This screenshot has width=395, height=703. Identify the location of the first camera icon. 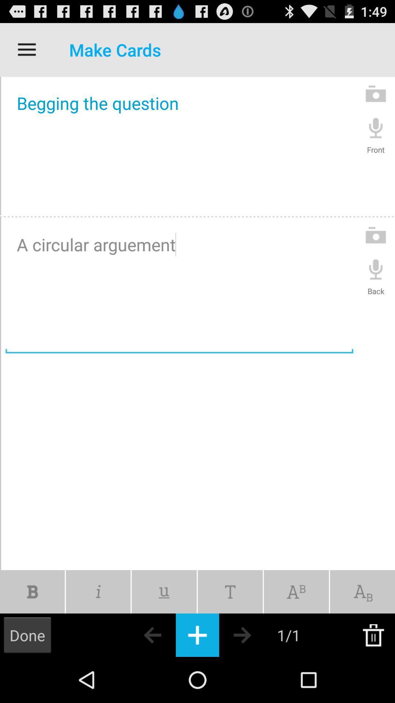
(376, 93).